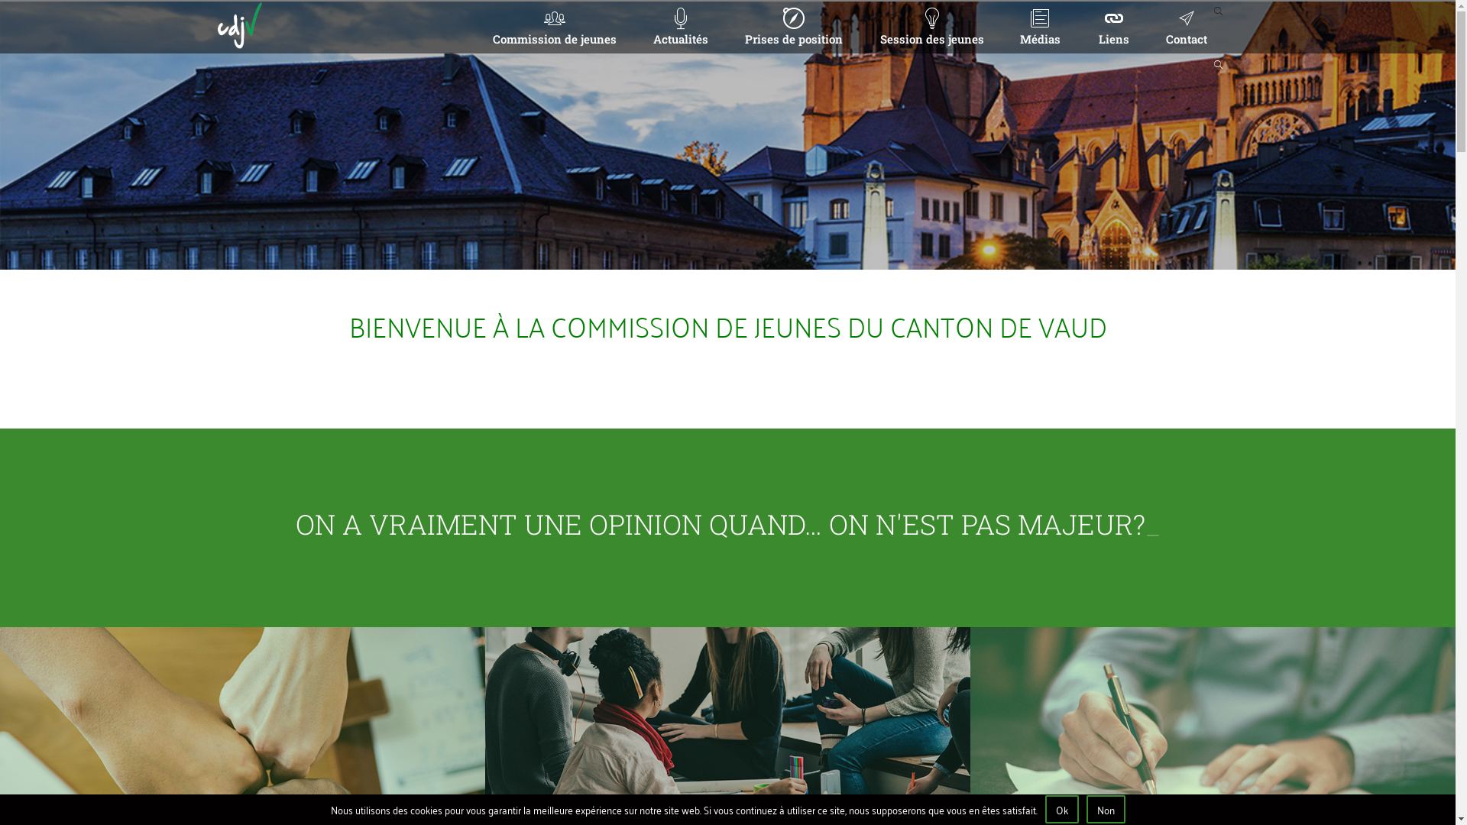 The image size is (1467, 825). Describe the element at coordinates (724, 26) in the screenshot. I see `'Prises de position'` at that location.